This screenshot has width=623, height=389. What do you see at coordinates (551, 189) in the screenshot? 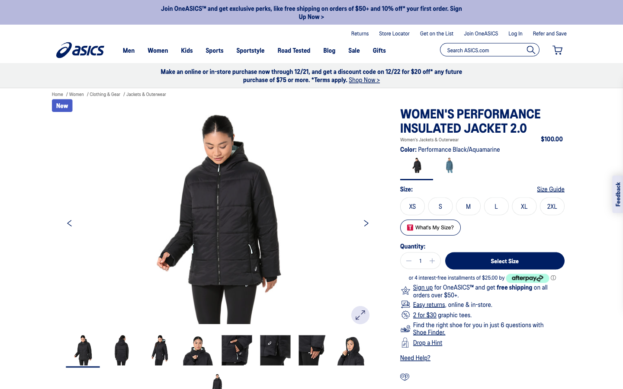
I see `Determine the appropriate clothing size to purchase` at bounding box center [551, 189].